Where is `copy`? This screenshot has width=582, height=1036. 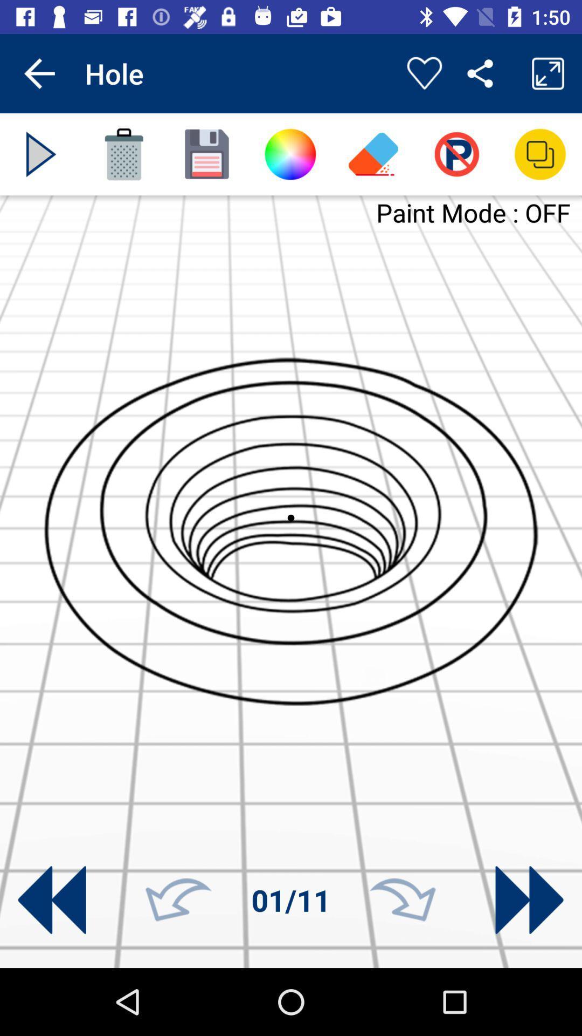 copy is located at coordinates (540, 154).